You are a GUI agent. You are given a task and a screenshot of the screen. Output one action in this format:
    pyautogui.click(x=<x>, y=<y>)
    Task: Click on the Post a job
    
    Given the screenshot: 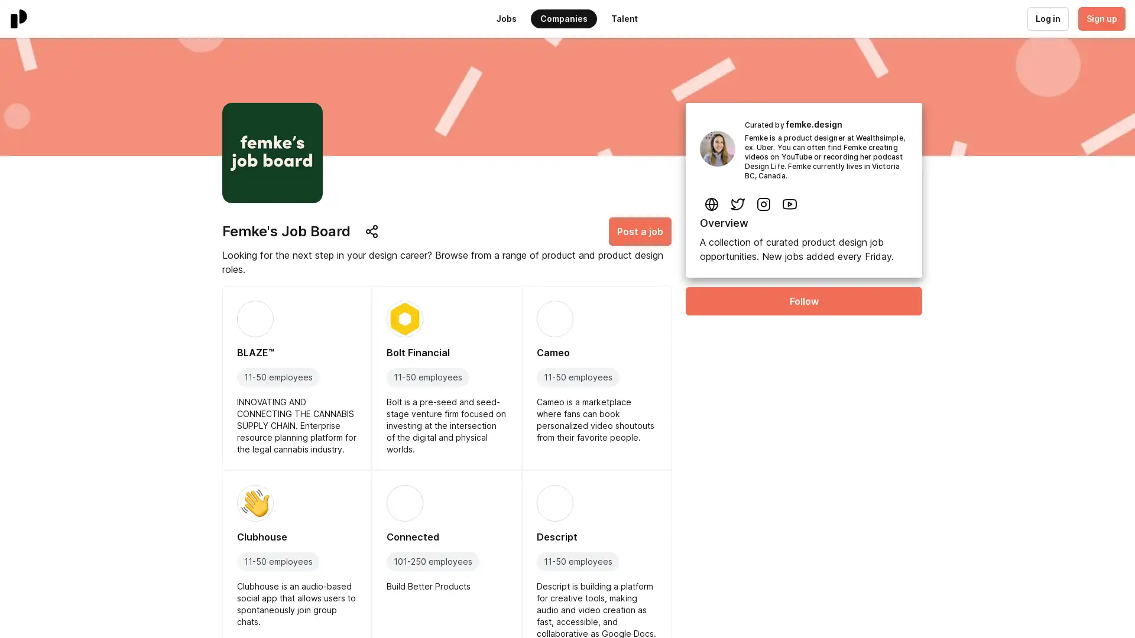 What is the action you would take?
    pyautogui.click(x=640, y=232)
    